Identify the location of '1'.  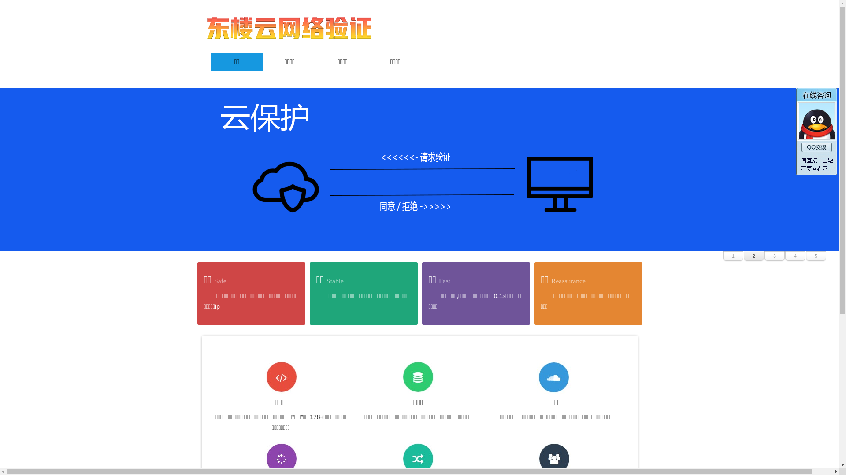
(733, 256).